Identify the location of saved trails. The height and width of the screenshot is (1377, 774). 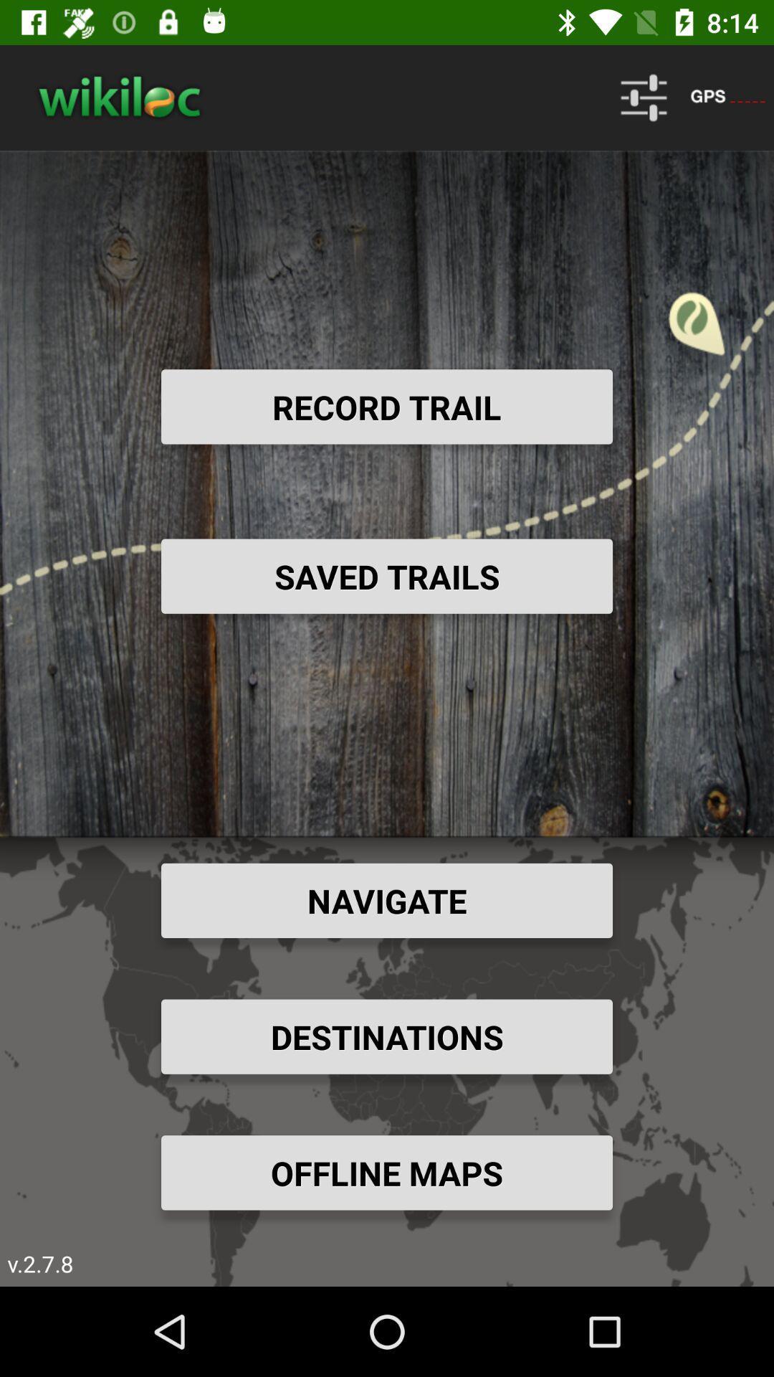
(387, 576).